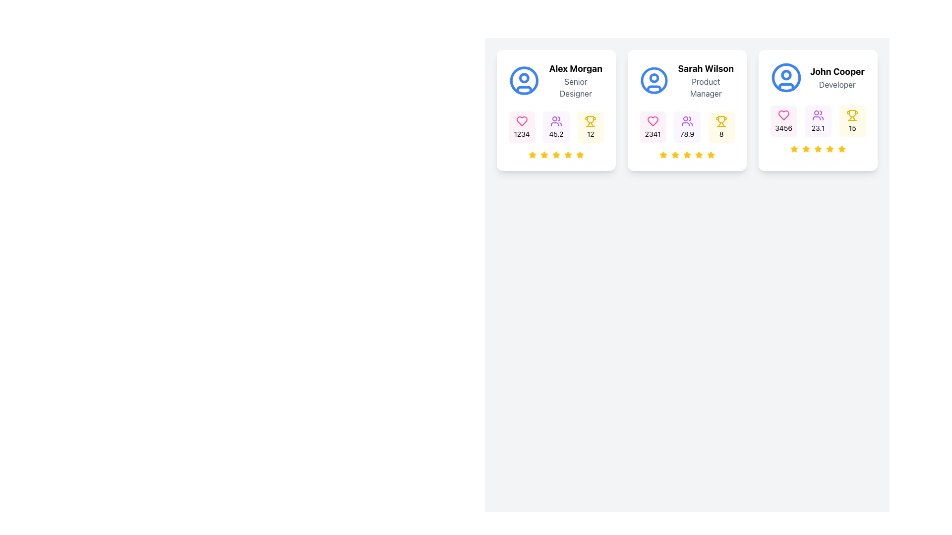  Describe the element at coordinates (818, 121) in the screenshot. I see `the metric display element with a light purple background, rounded corners, and the number '23.1' in black, located in the second card from the right in a three-column grid layout` at that location.